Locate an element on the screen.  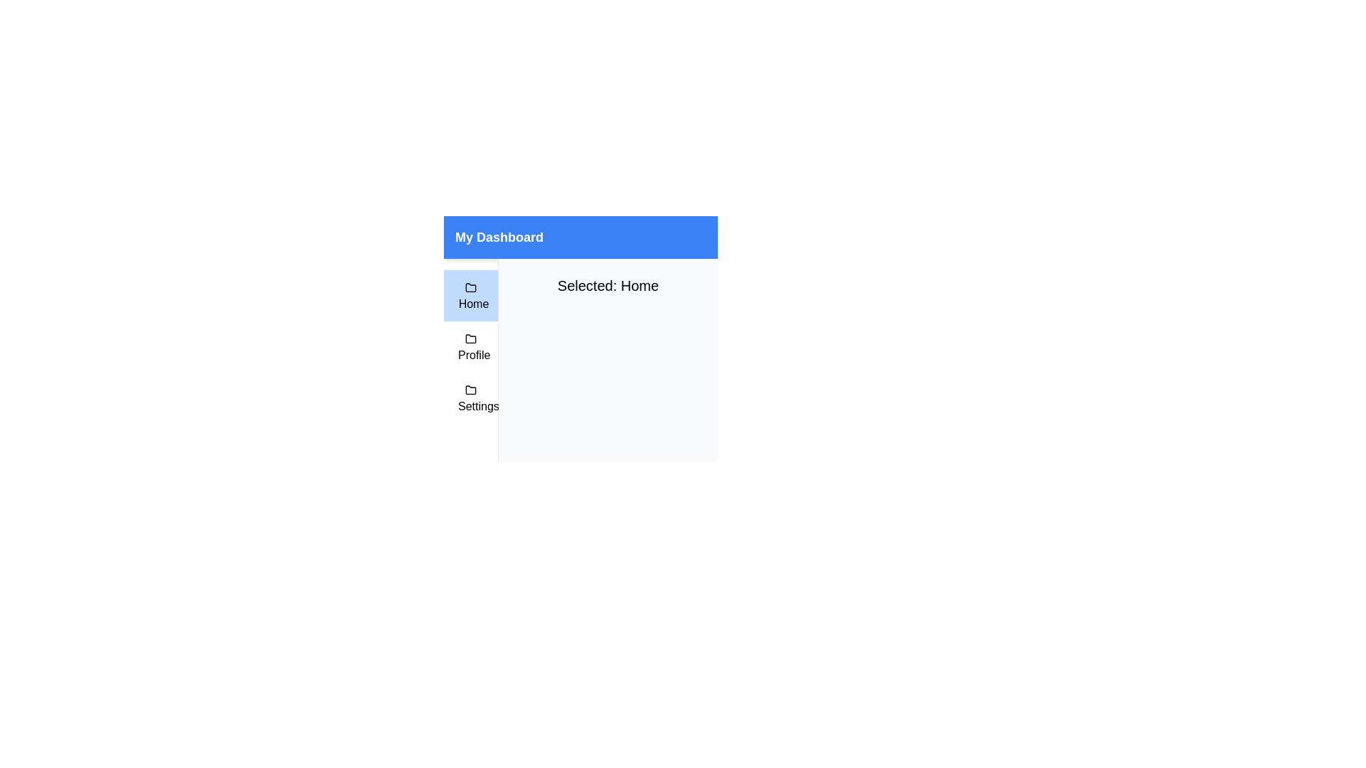
the folder icon located near the top of the sidebar menu, aligned with the 'Home' label is located at coordinates (471, 287).